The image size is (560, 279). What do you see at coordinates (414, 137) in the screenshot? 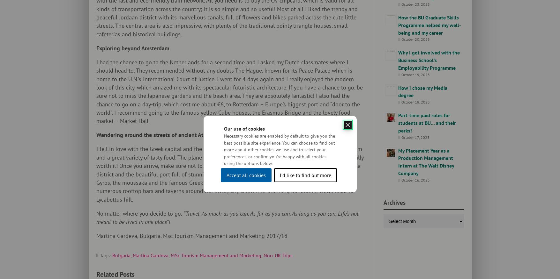
I see `'October 17, 2023'` at bounding box center [414, 137].